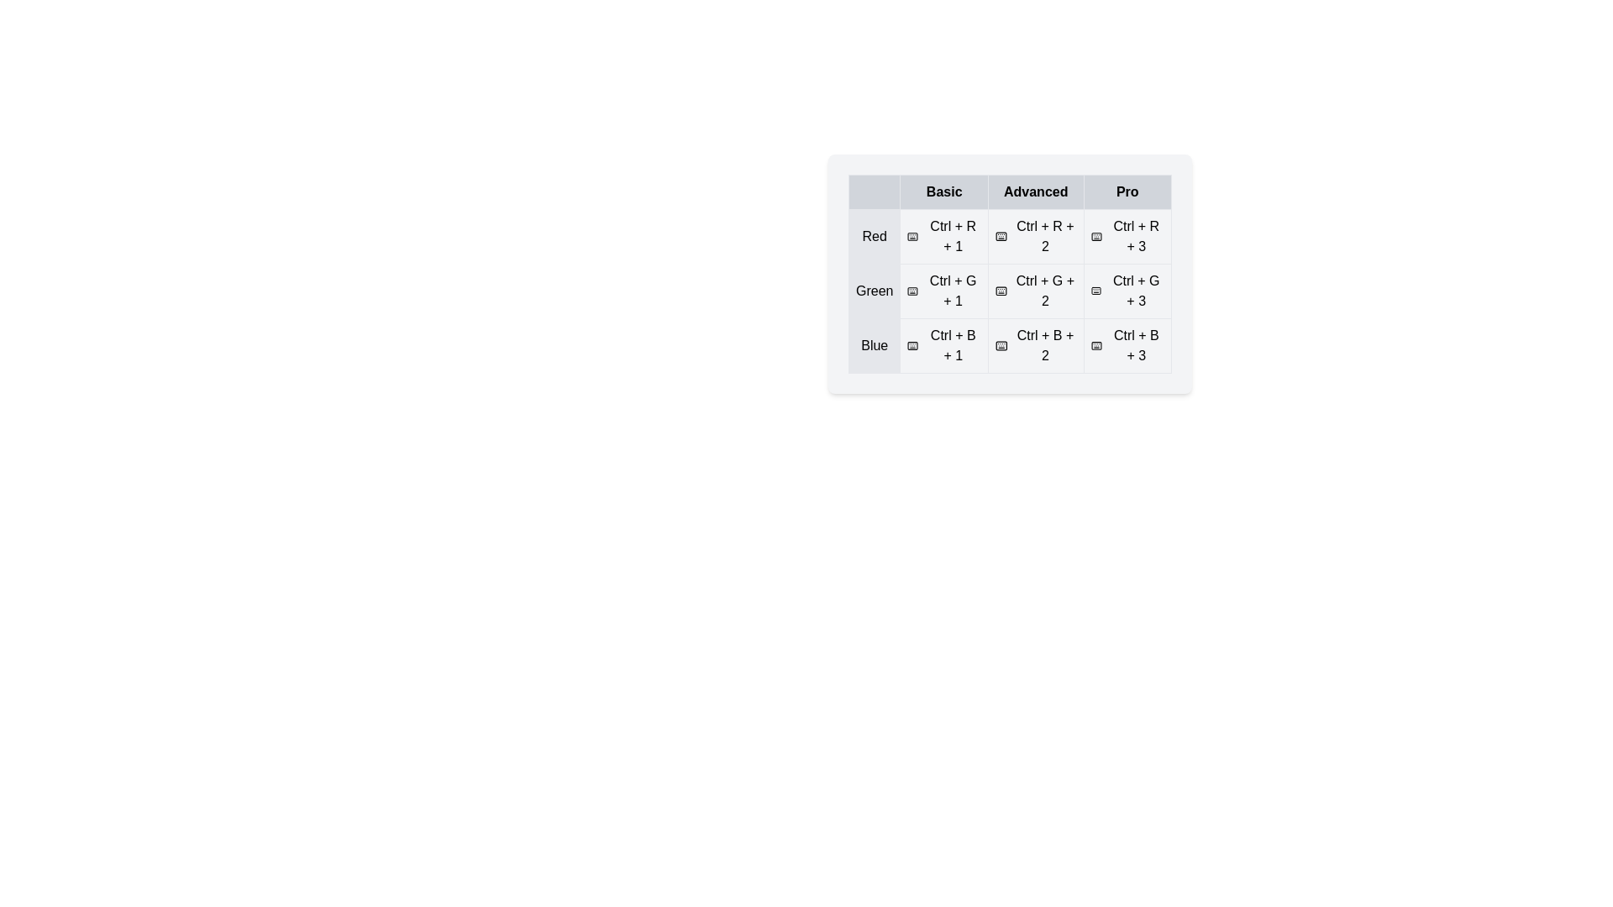  I want to click on graphical rectangle element located in the center-right area of the grid, representing a shortcut or visual aid, by clicking on it, so click(1096, 291).